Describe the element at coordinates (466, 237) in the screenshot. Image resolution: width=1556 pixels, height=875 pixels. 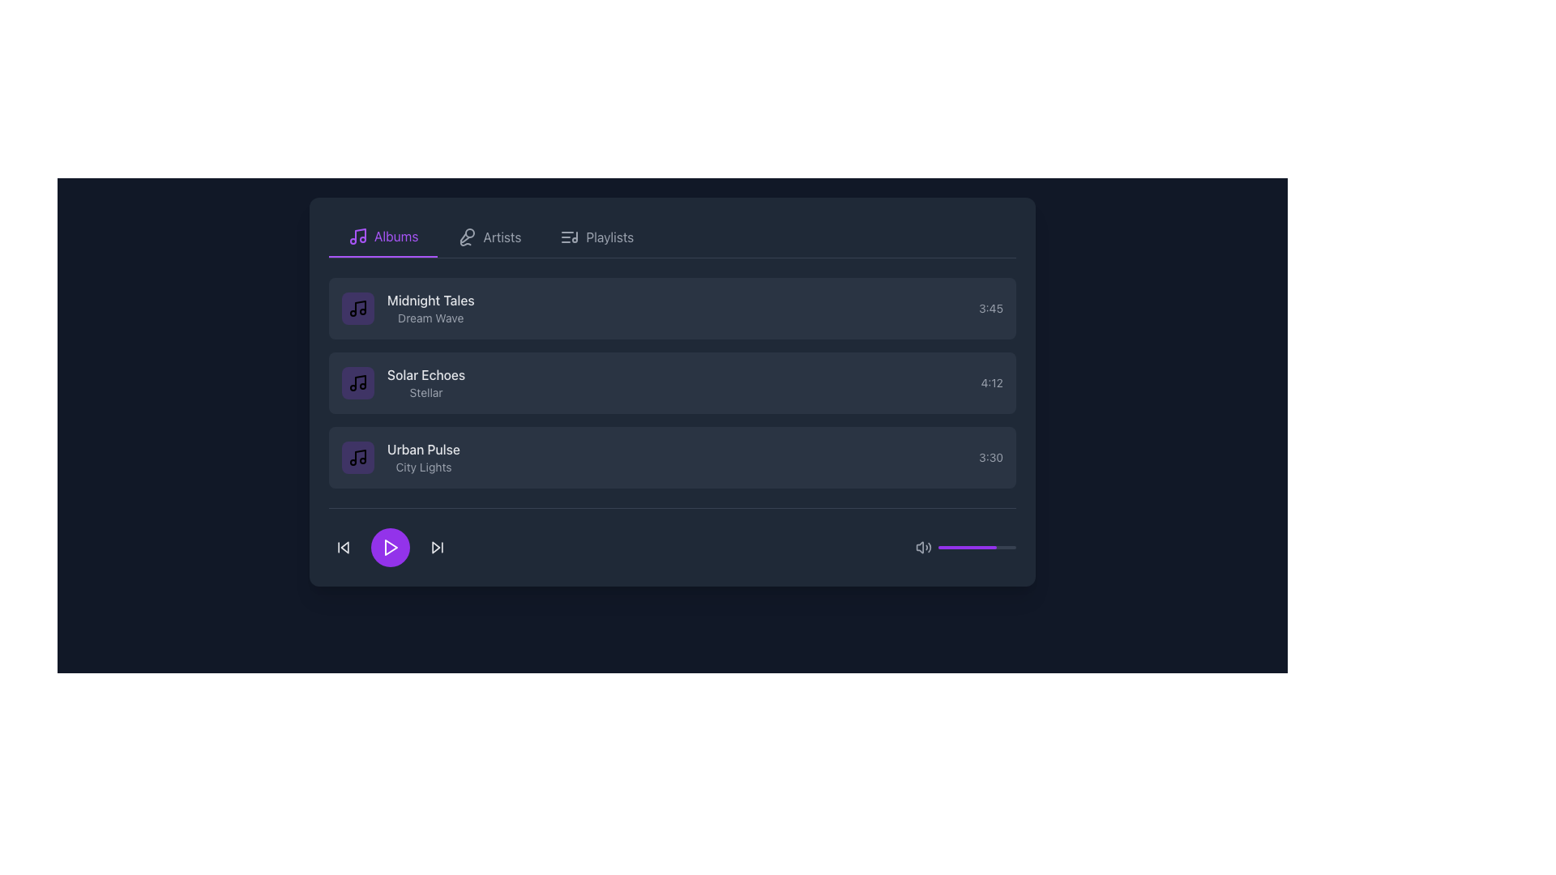
I see `the icon representing the 'Artists' section located within the navigation bar, positioned between the 'Albums' and 'Playlists' sections` at that location.